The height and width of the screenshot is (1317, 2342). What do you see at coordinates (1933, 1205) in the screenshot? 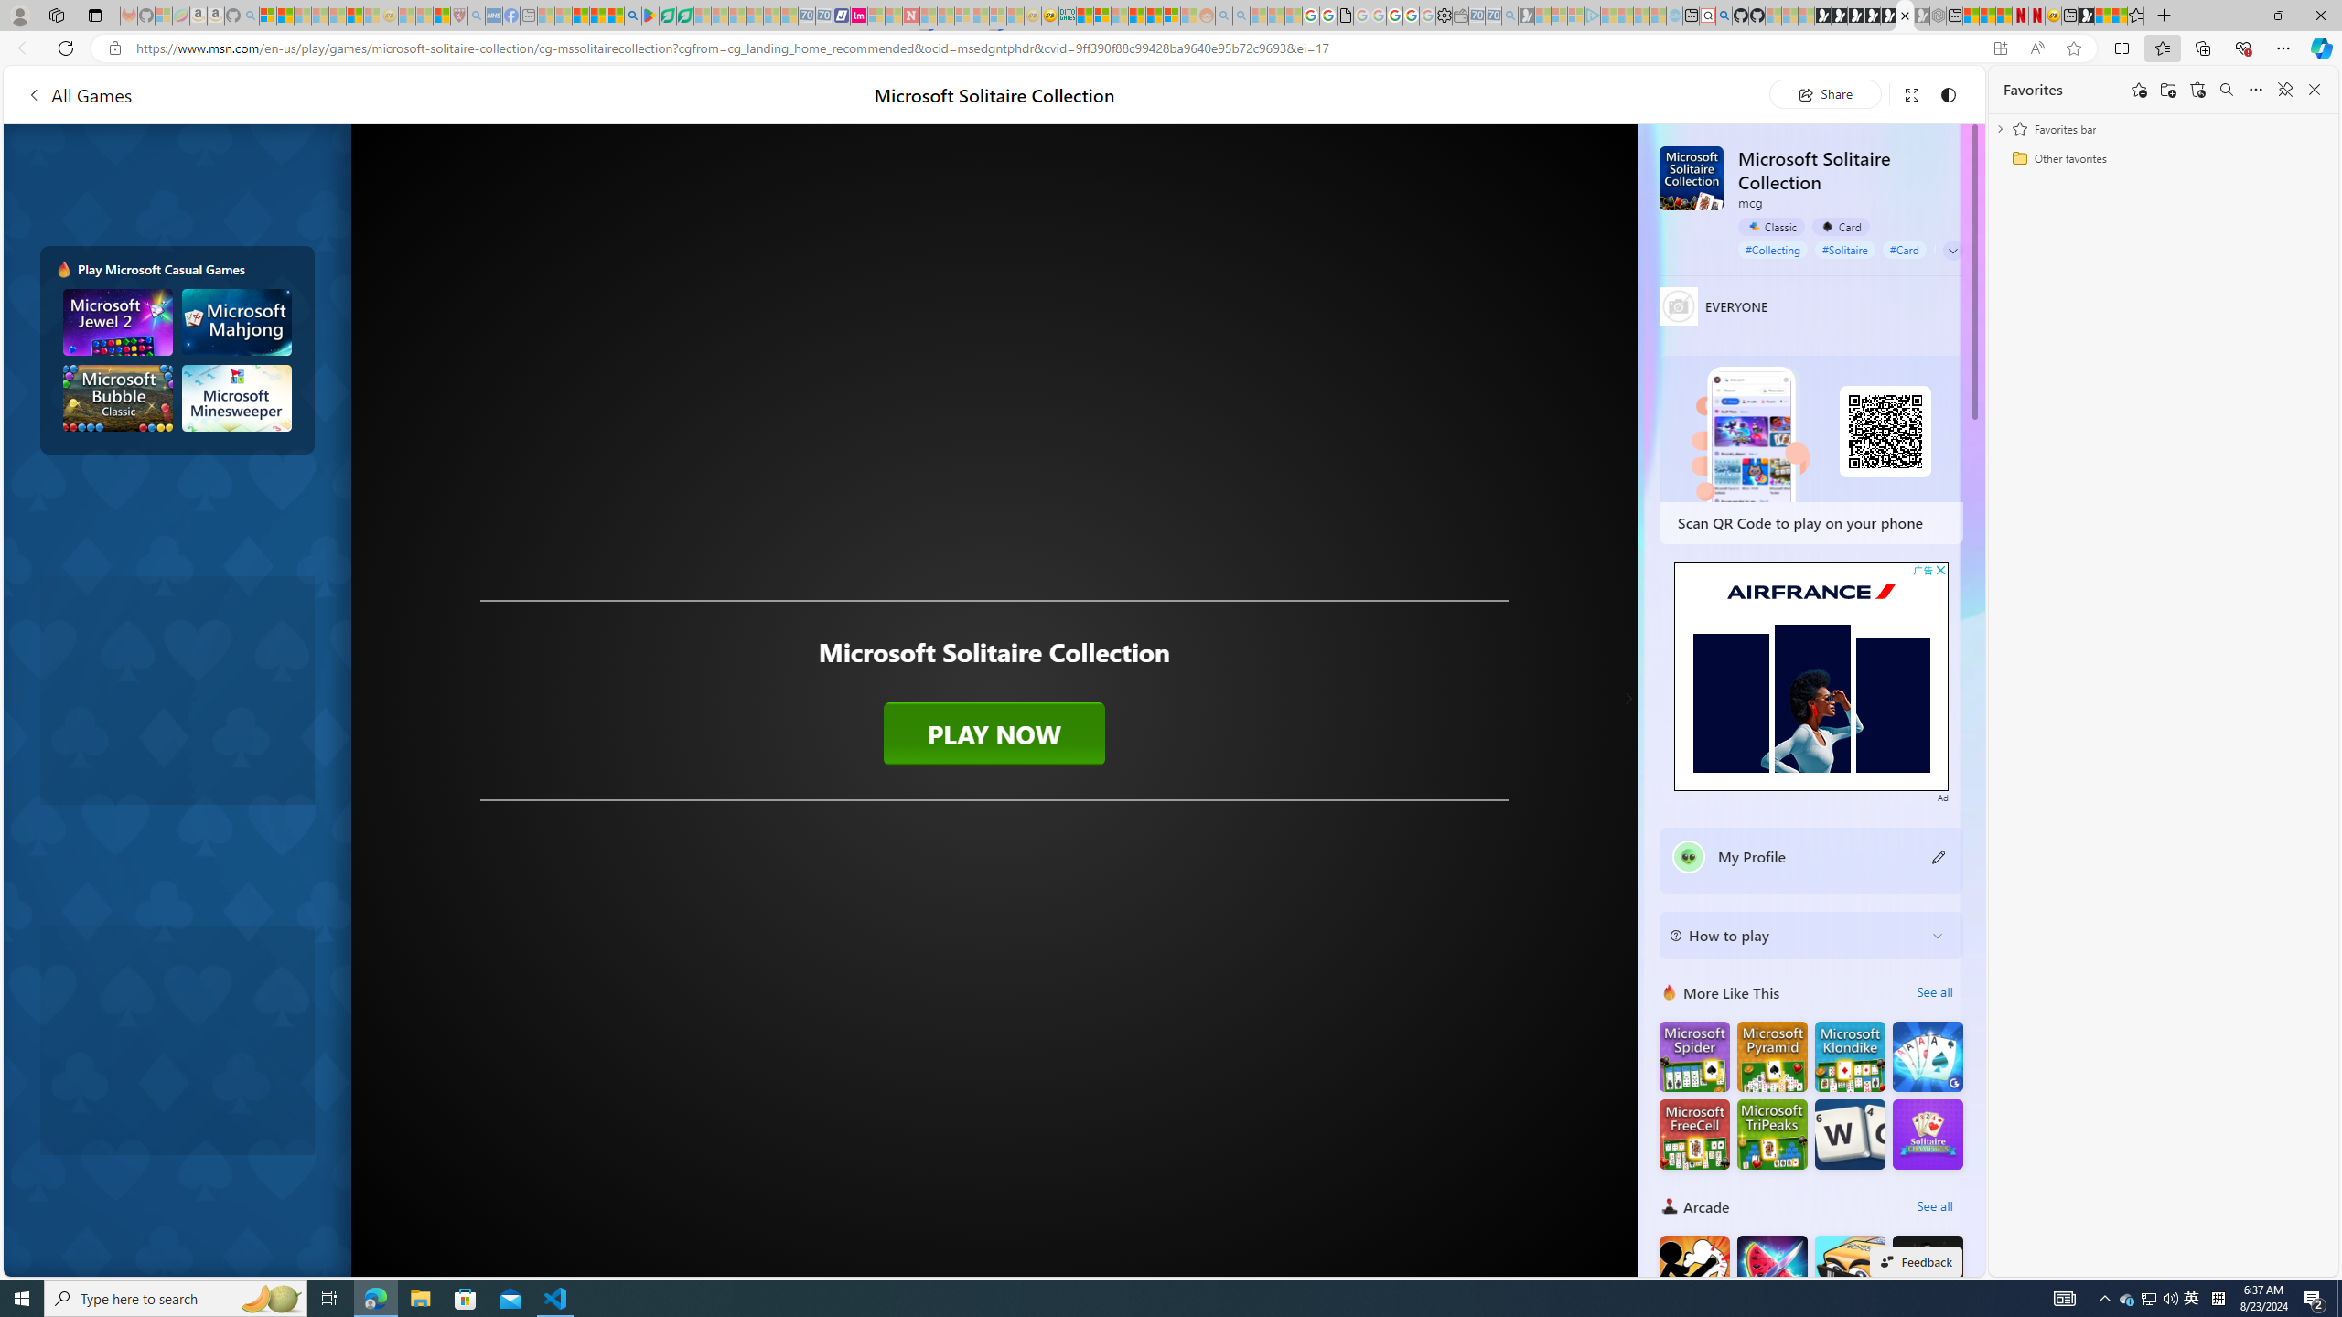
I see `'See all'` at bounding box center [1933, 1205].